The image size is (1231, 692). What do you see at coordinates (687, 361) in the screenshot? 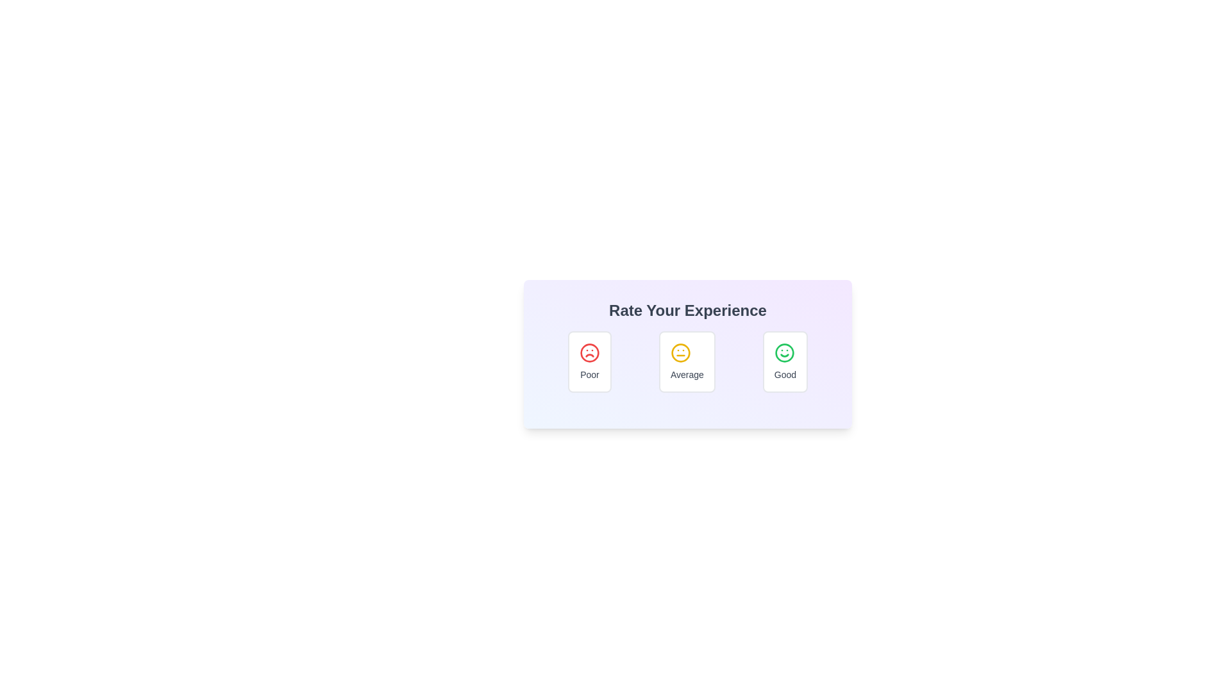
I see `the individual rating option in the row of interactive rating buttons labeled 'Average' located within the 'Rate Your Experience' section` at bounding box center [687, 361].